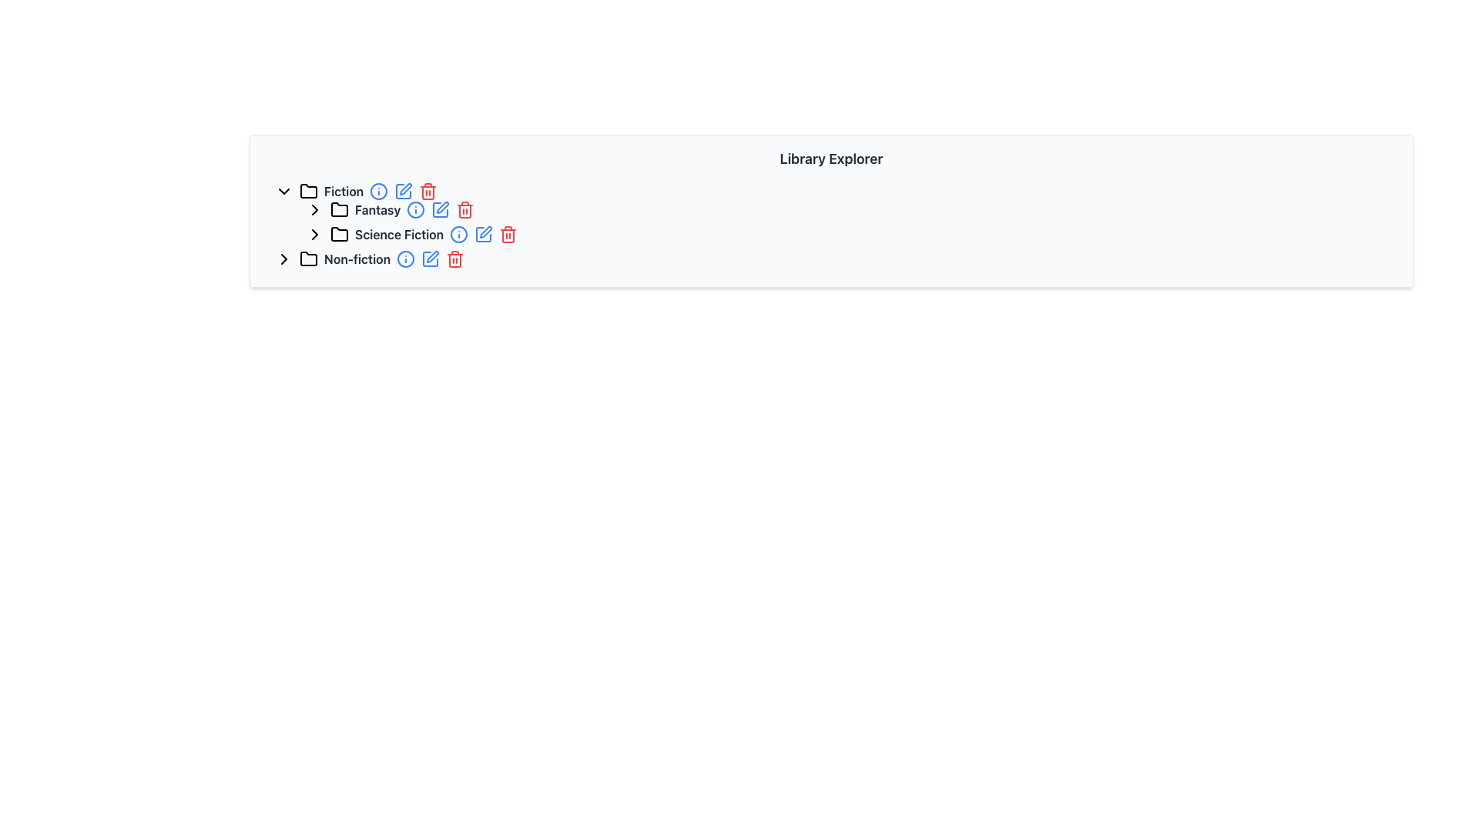  I want to click on the Toggle arrow icon adjacent to the 'Fantasy' label, so click(314, 210).